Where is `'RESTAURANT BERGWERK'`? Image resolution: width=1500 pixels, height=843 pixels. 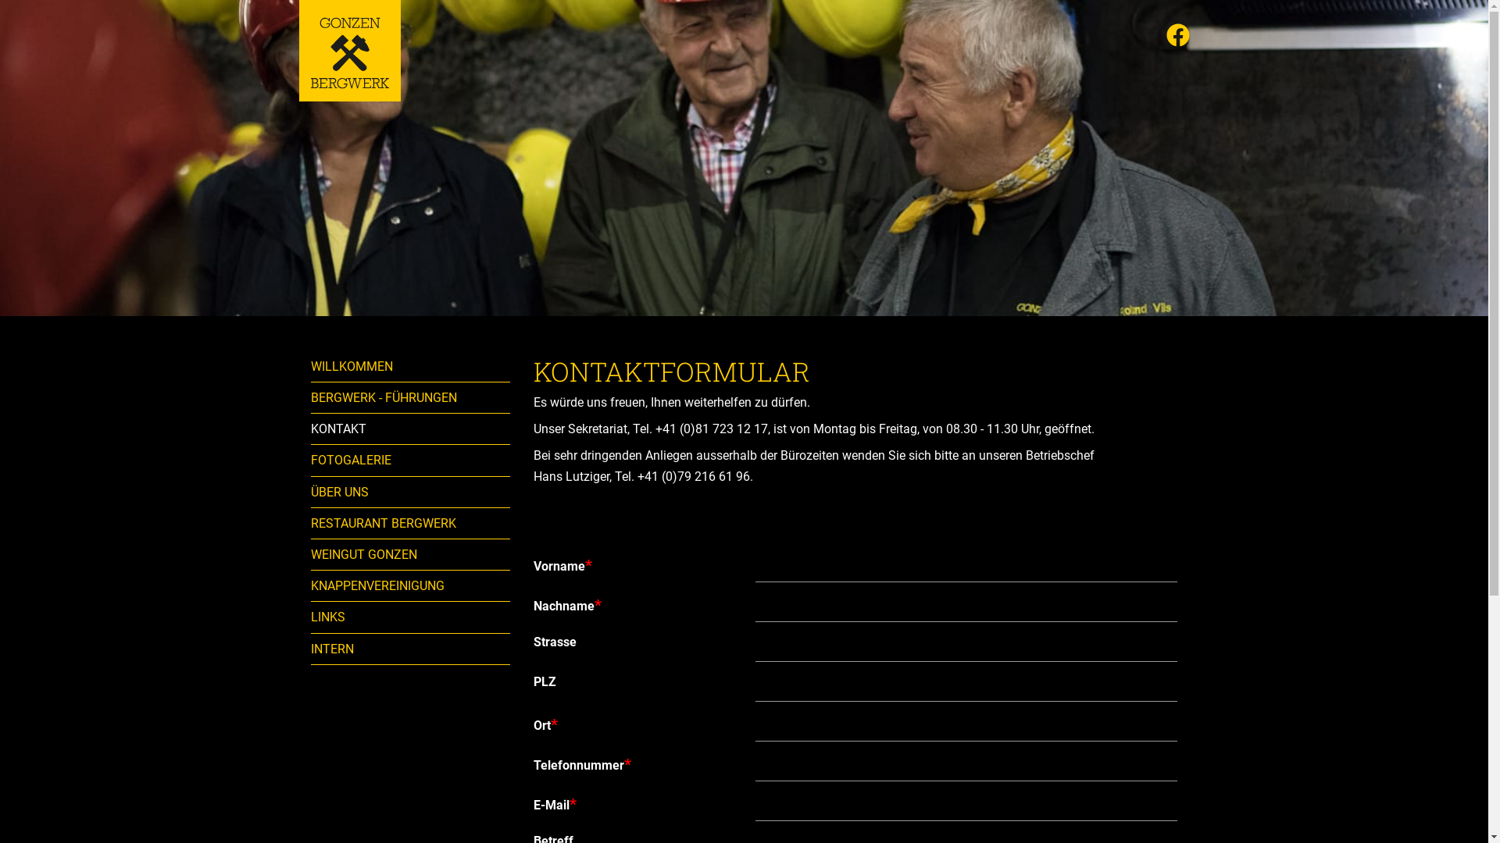 'RESTAURANT BERGWERK' is located at coordinates (410, 523).